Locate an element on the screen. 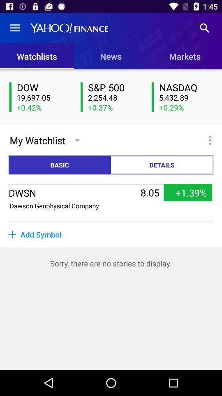  the item above +0.29% icon is located at coordinates (186, 98).